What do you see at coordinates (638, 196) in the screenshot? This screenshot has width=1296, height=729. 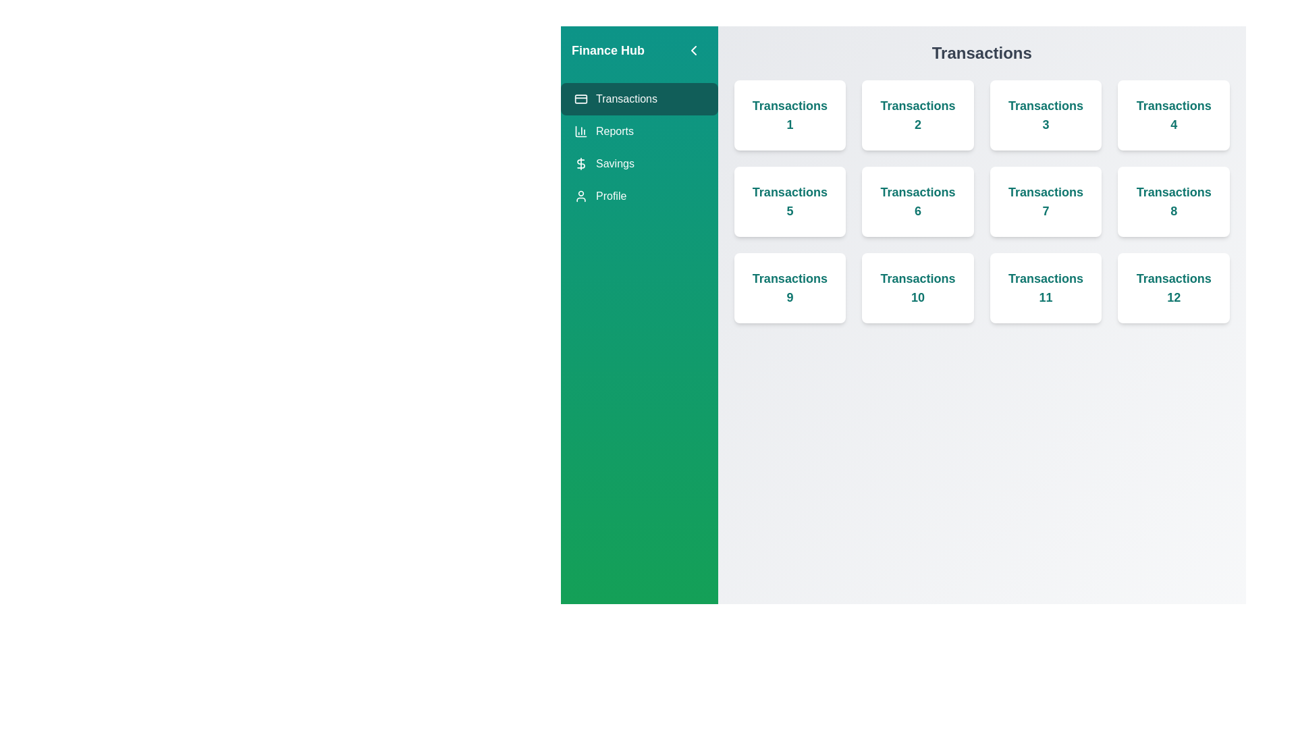 I see `the tab named Profile in the sidebar` at bounding box center [638, 196].